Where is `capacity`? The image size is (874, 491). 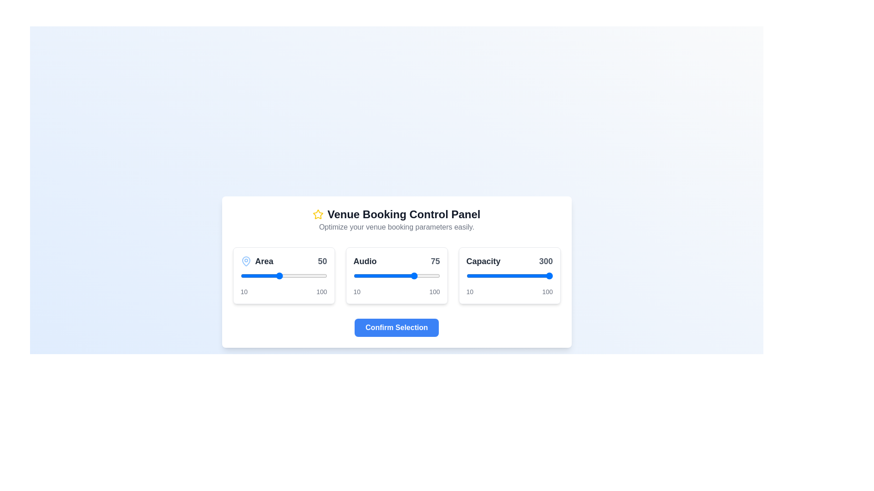 capacity is located at coordinates (486, 275).